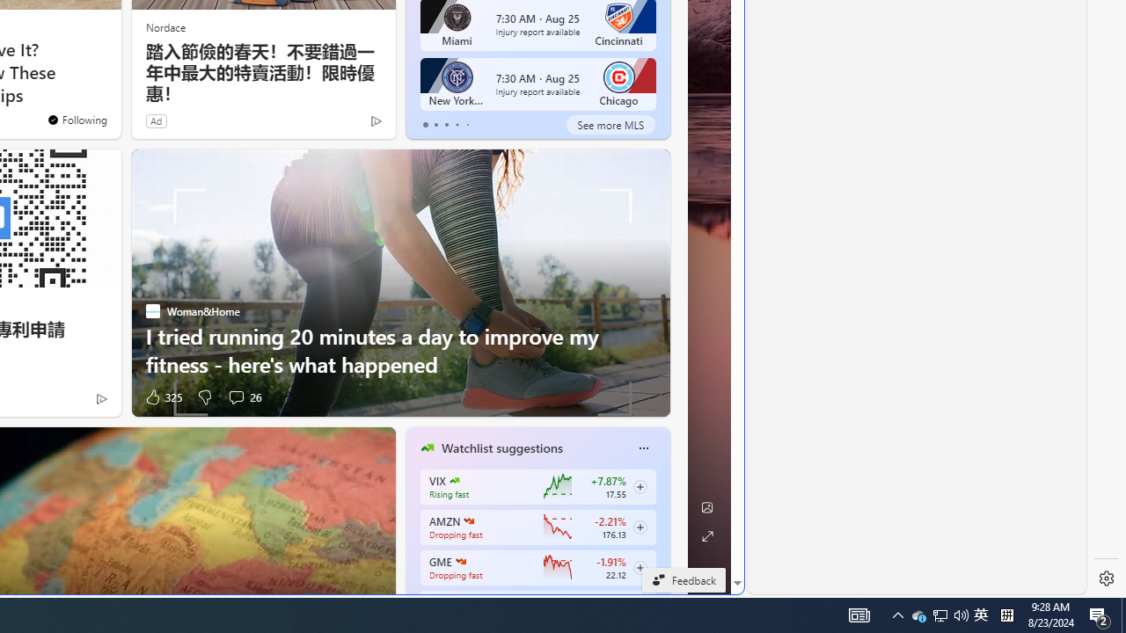  I want to click on 'Expand background', so click(706, 535).